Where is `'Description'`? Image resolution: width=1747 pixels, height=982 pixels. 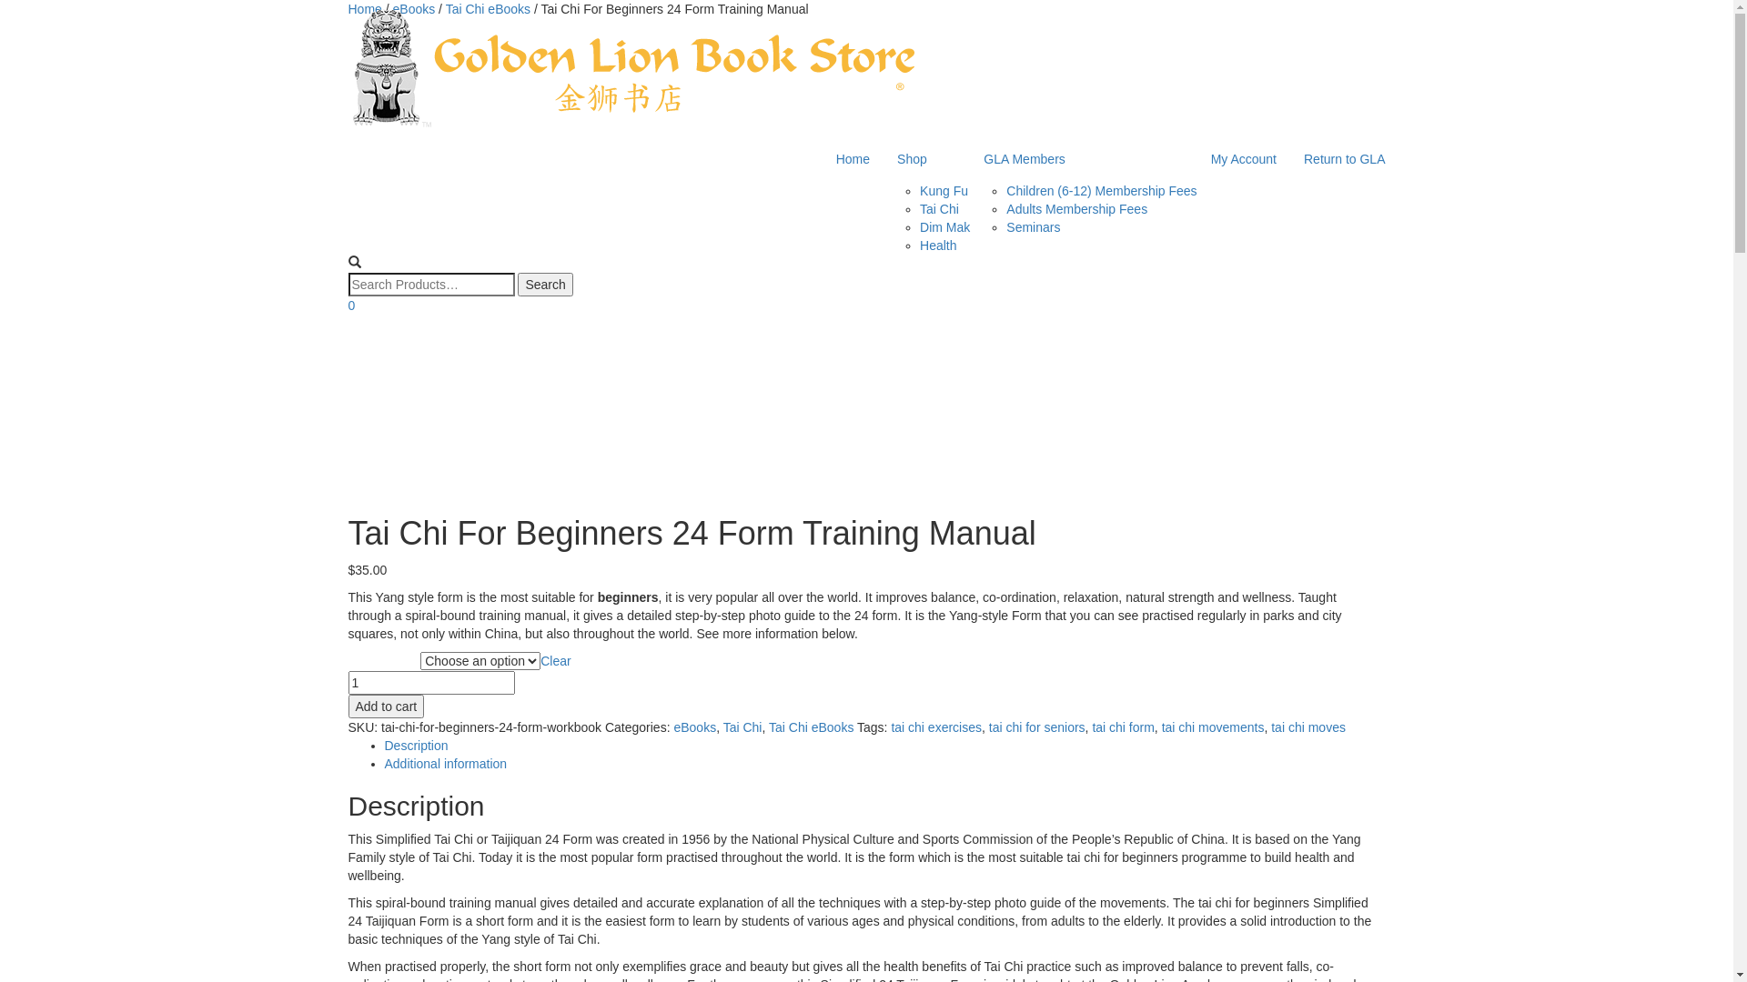
'Description' is located at coordinates (383, 746).